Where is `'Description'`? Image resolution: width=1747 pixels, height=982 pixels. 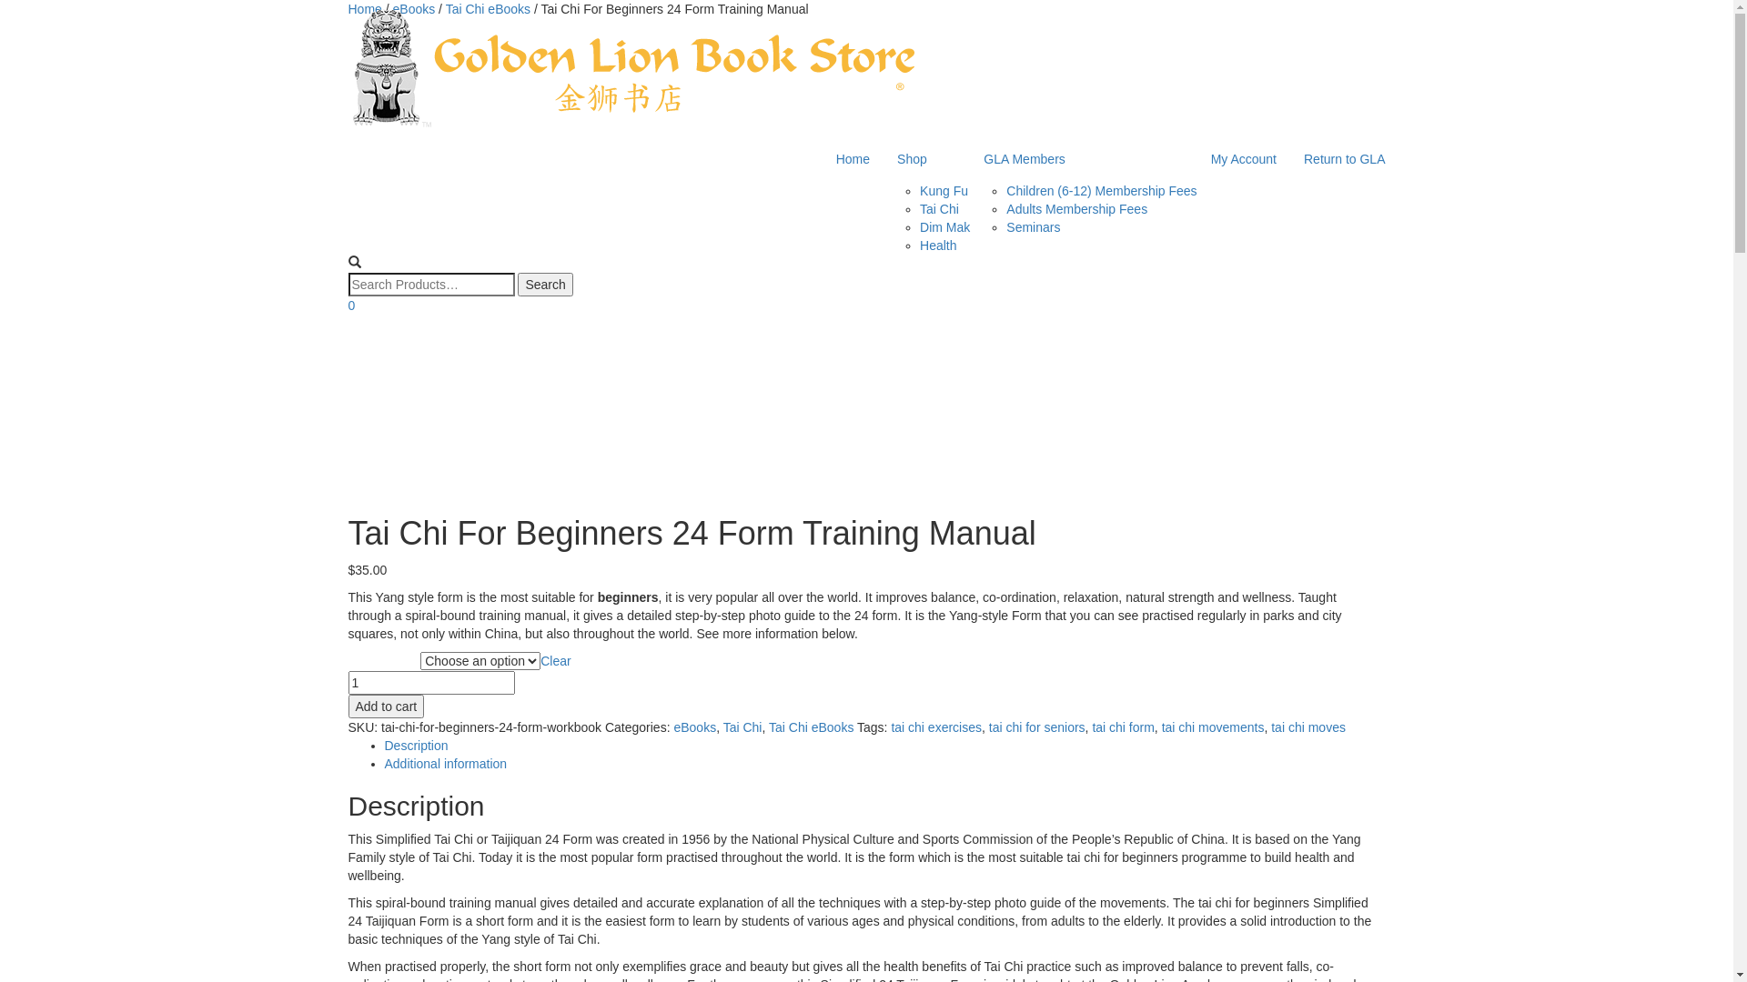
'Description' is located at coordinates (383, 746).